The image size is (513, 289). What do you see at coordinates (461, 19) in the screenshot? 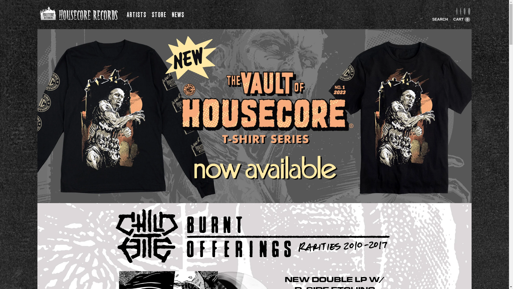
I see `'CART 0'` at bounding box center [461, 19].